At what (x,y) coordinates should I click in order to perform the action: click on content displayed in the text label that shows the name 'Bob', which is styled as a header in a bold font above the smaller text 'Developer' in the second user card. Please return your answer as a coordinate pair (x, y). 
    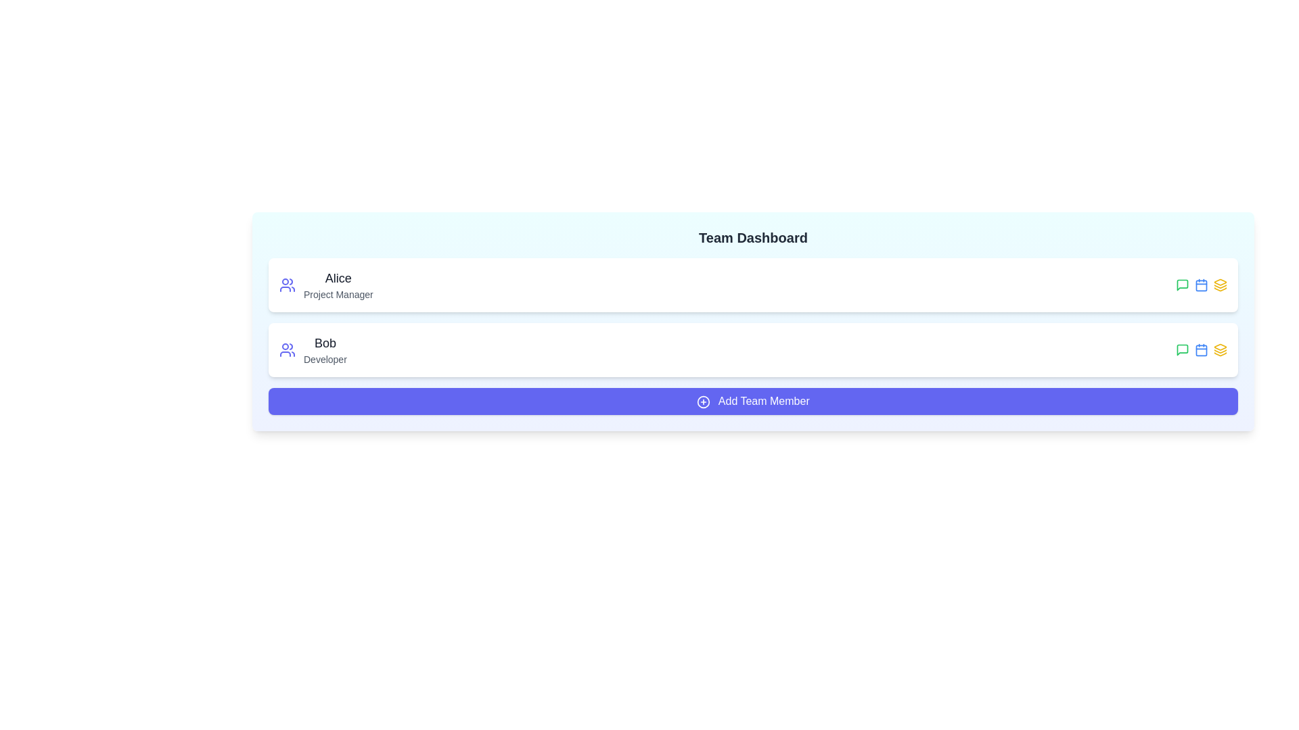
    Looking at the image, I should click on (325, 343).